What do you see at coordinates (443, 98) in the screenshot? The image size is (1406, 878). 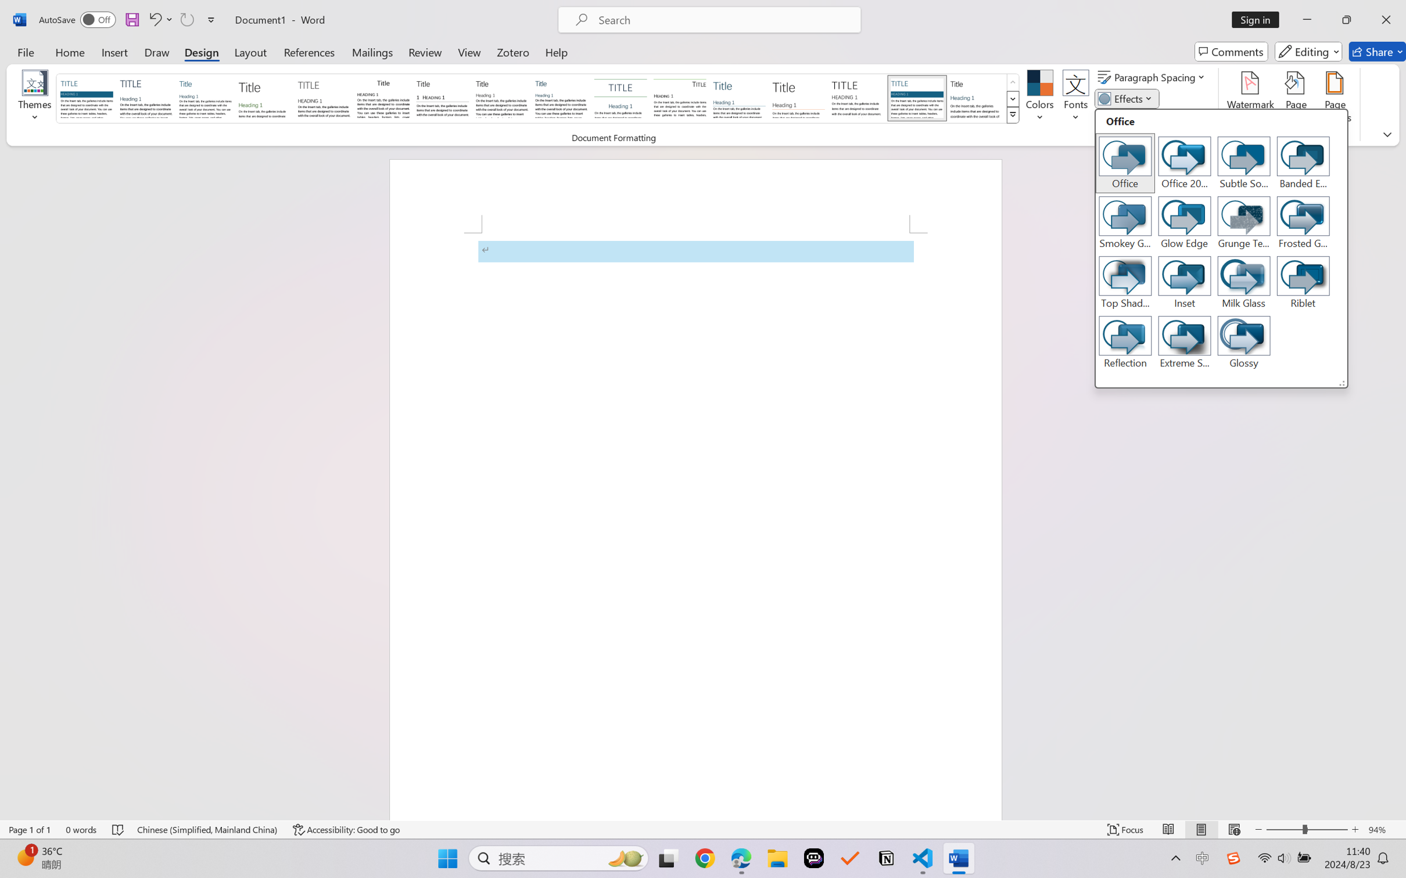 I see `'Black & White (Numbered)'` at bounding box center [443, 98].